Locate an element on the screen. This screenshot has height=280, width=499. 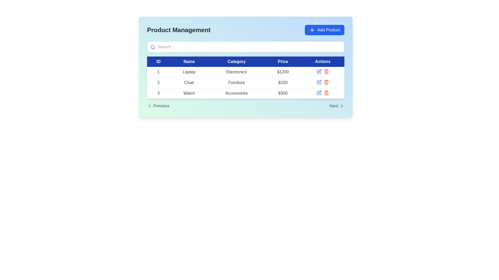
the pen icon button in the 'Actions' column of the first row in the product management table is located at coordinates (319, 71).